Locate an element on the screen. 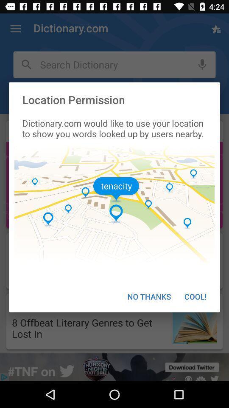 The image size is (229, 408). item to the left of the cool! is located at coordinates (148, 296).